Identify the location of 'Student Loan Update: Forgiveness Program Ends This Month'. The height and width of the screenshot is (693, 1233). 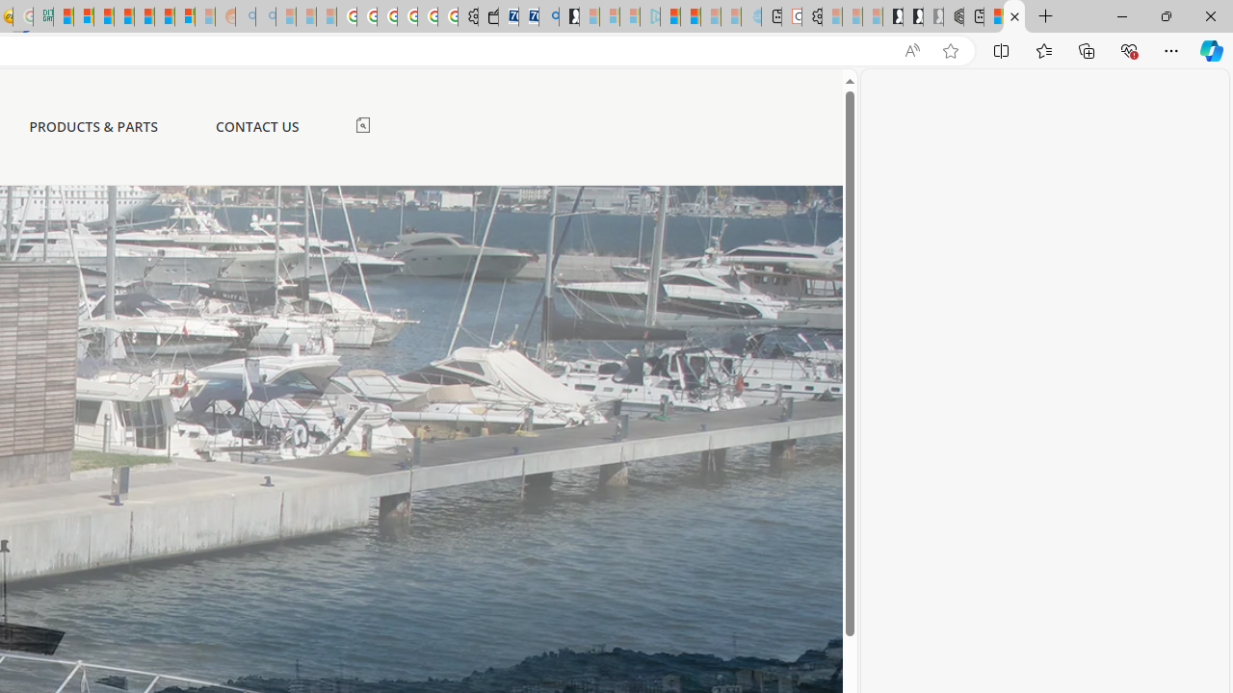
(123, 16).